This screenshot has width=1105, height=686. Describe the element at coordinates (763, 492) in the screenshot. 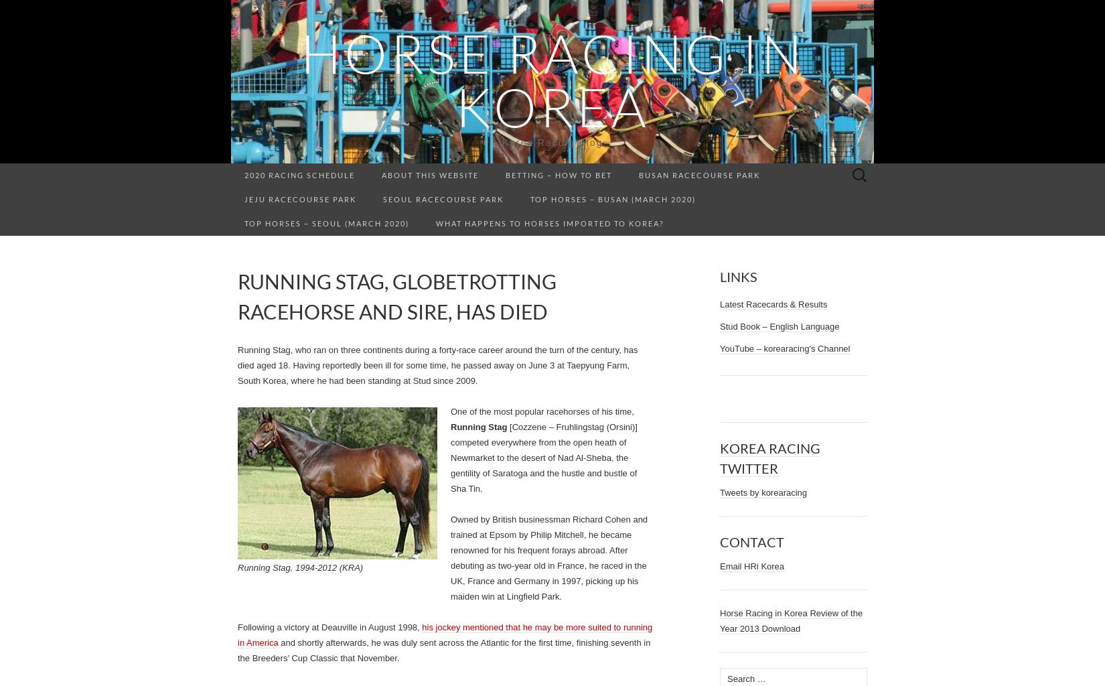

I see `'Tweets by korearacing'` at that location.